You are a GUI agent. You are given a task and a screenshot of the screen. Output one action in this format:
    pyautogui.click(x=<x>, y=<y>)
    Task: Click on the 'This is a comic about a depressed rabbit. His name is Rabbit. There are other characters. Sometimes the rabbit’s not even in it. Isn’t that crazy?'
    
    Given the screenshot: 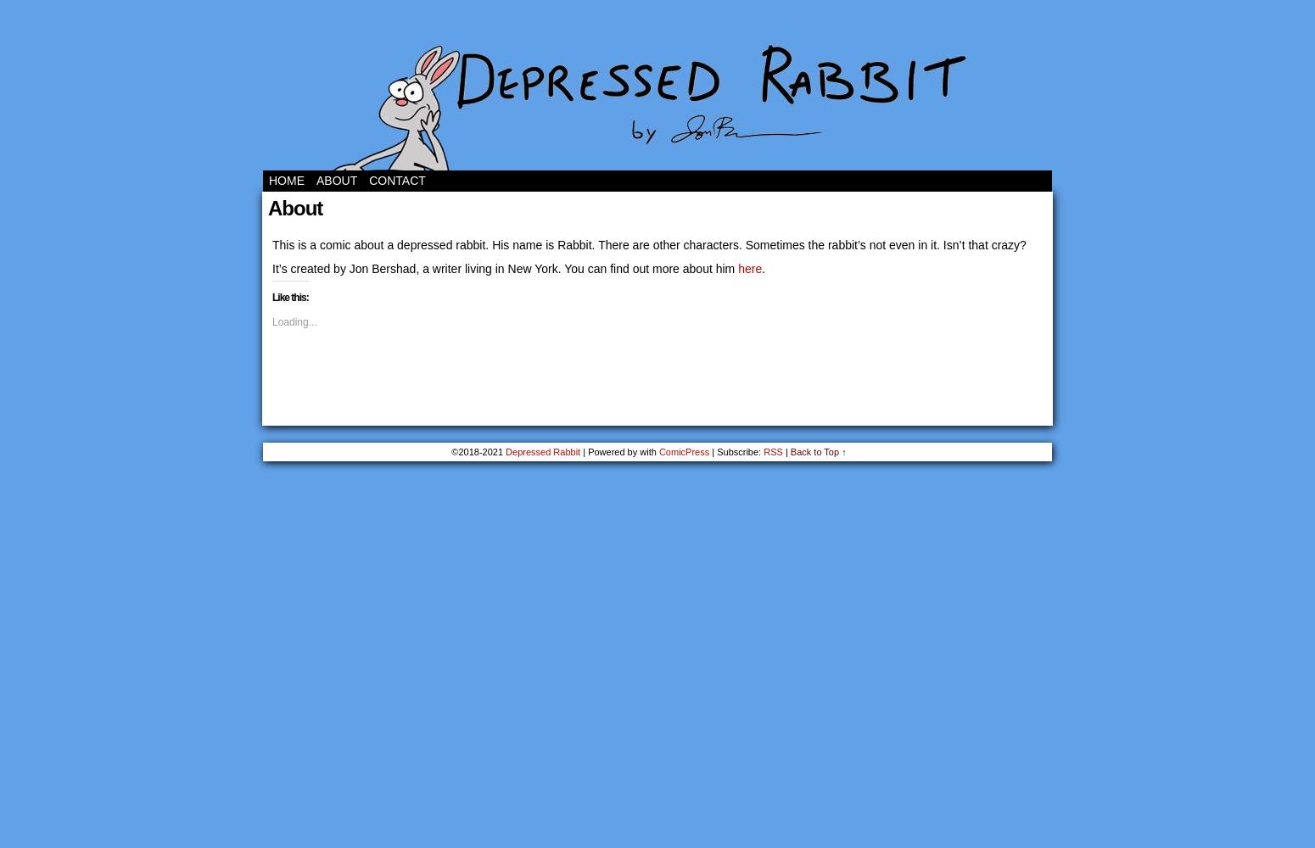 What is the action you would take?
    pyautogui.click(x=648, y=245)
    